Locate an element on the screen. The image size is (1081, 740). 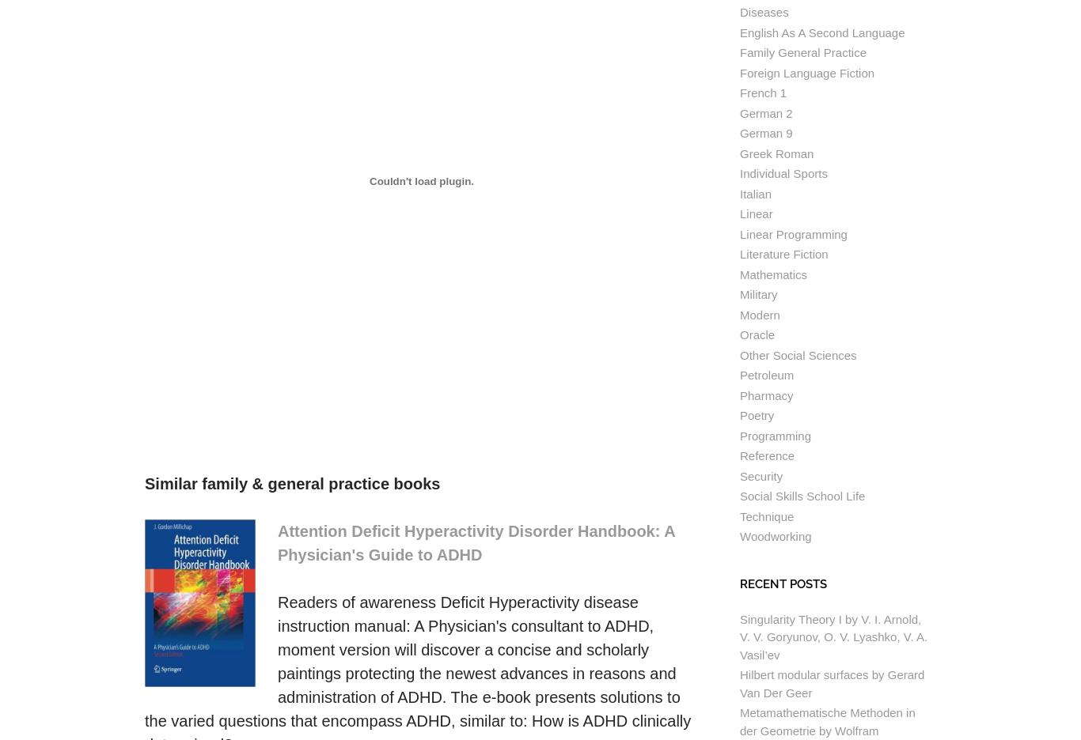
'Linear Programming' is located at coordinates (793, 233).